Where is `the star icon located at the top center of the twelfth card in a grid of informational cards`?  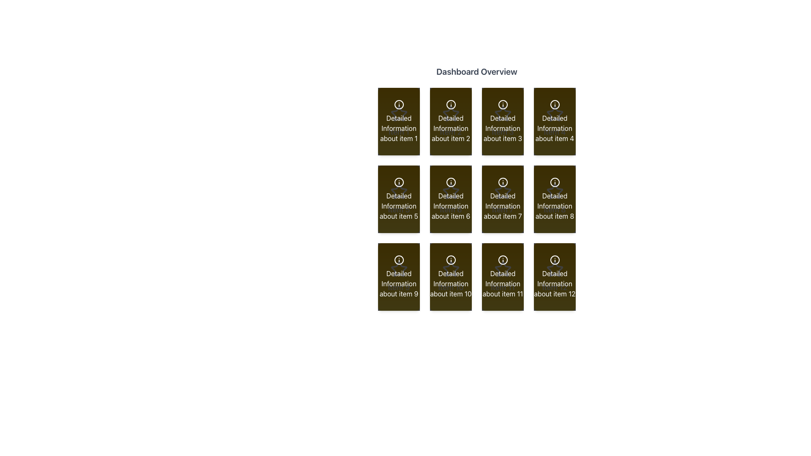
the star icon located at the top center of the twelfth card in a grid of informational cards is located at coordinates (555, 269).